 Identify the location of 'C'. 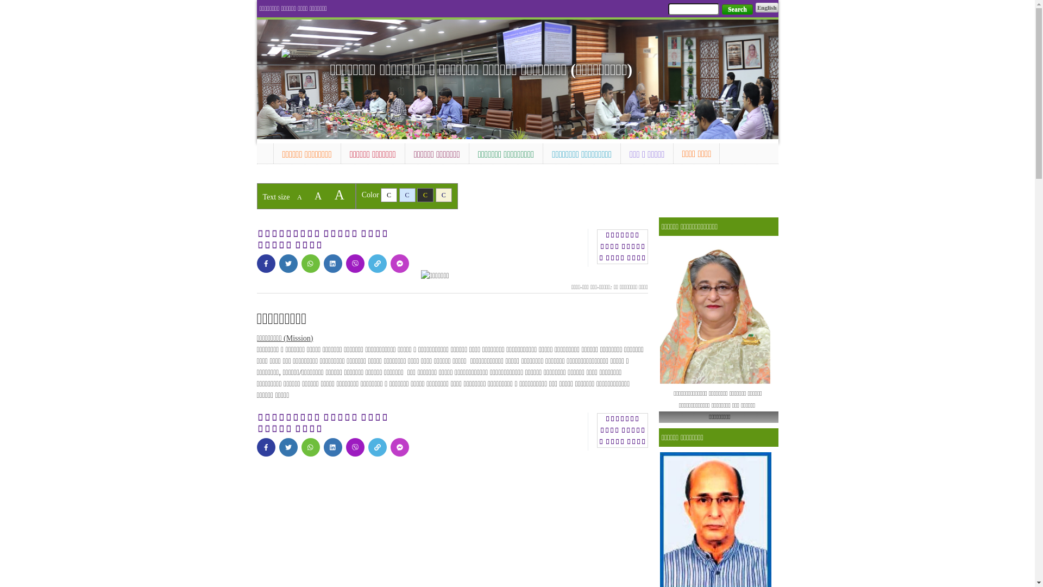
(380, 194).